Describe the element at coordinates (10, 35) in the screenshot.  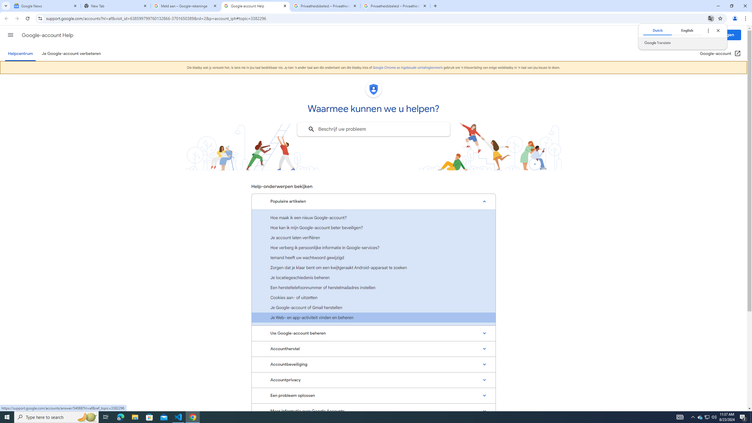
I see `'Hoofdmenu'` at that location.